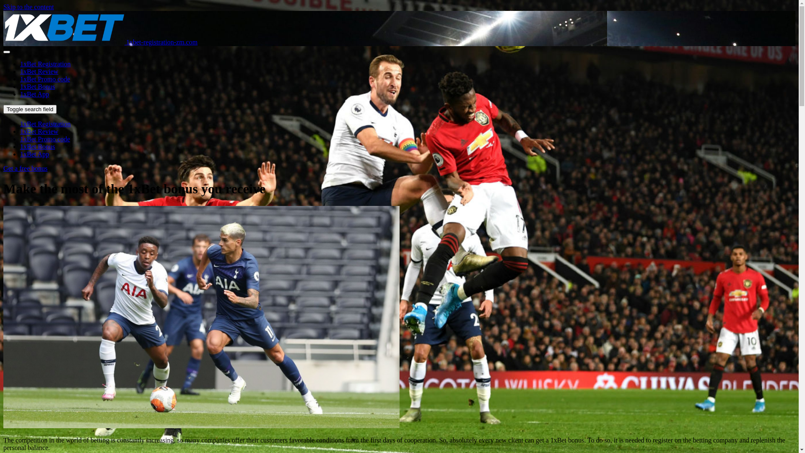  Describe the element at coordinates (34, 94) in the screenshot. I see `'1xBet App'` at that location.